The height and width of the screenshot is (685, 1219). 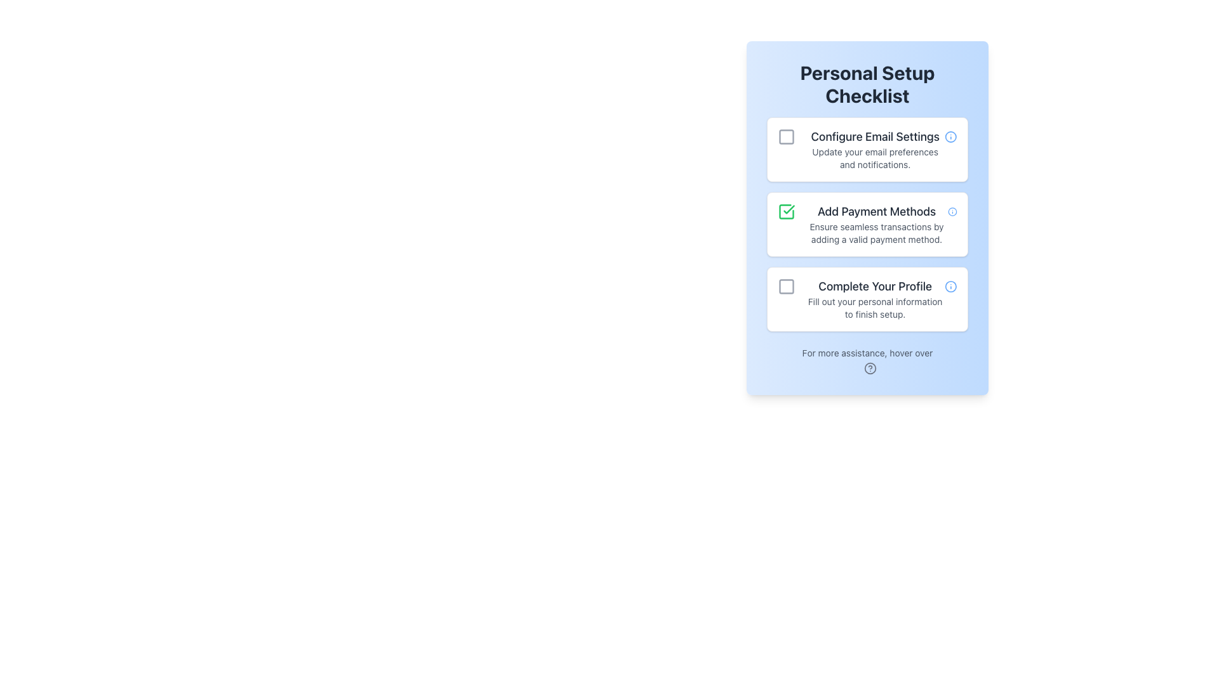 What do you see at coordinates (785, 137) in the screenshot?
I see `the checkbox located near the top-left of the 'Configure Email Settings' checklist item to trigger a tooltip or visual feedback` at bounding box center [785, 137].